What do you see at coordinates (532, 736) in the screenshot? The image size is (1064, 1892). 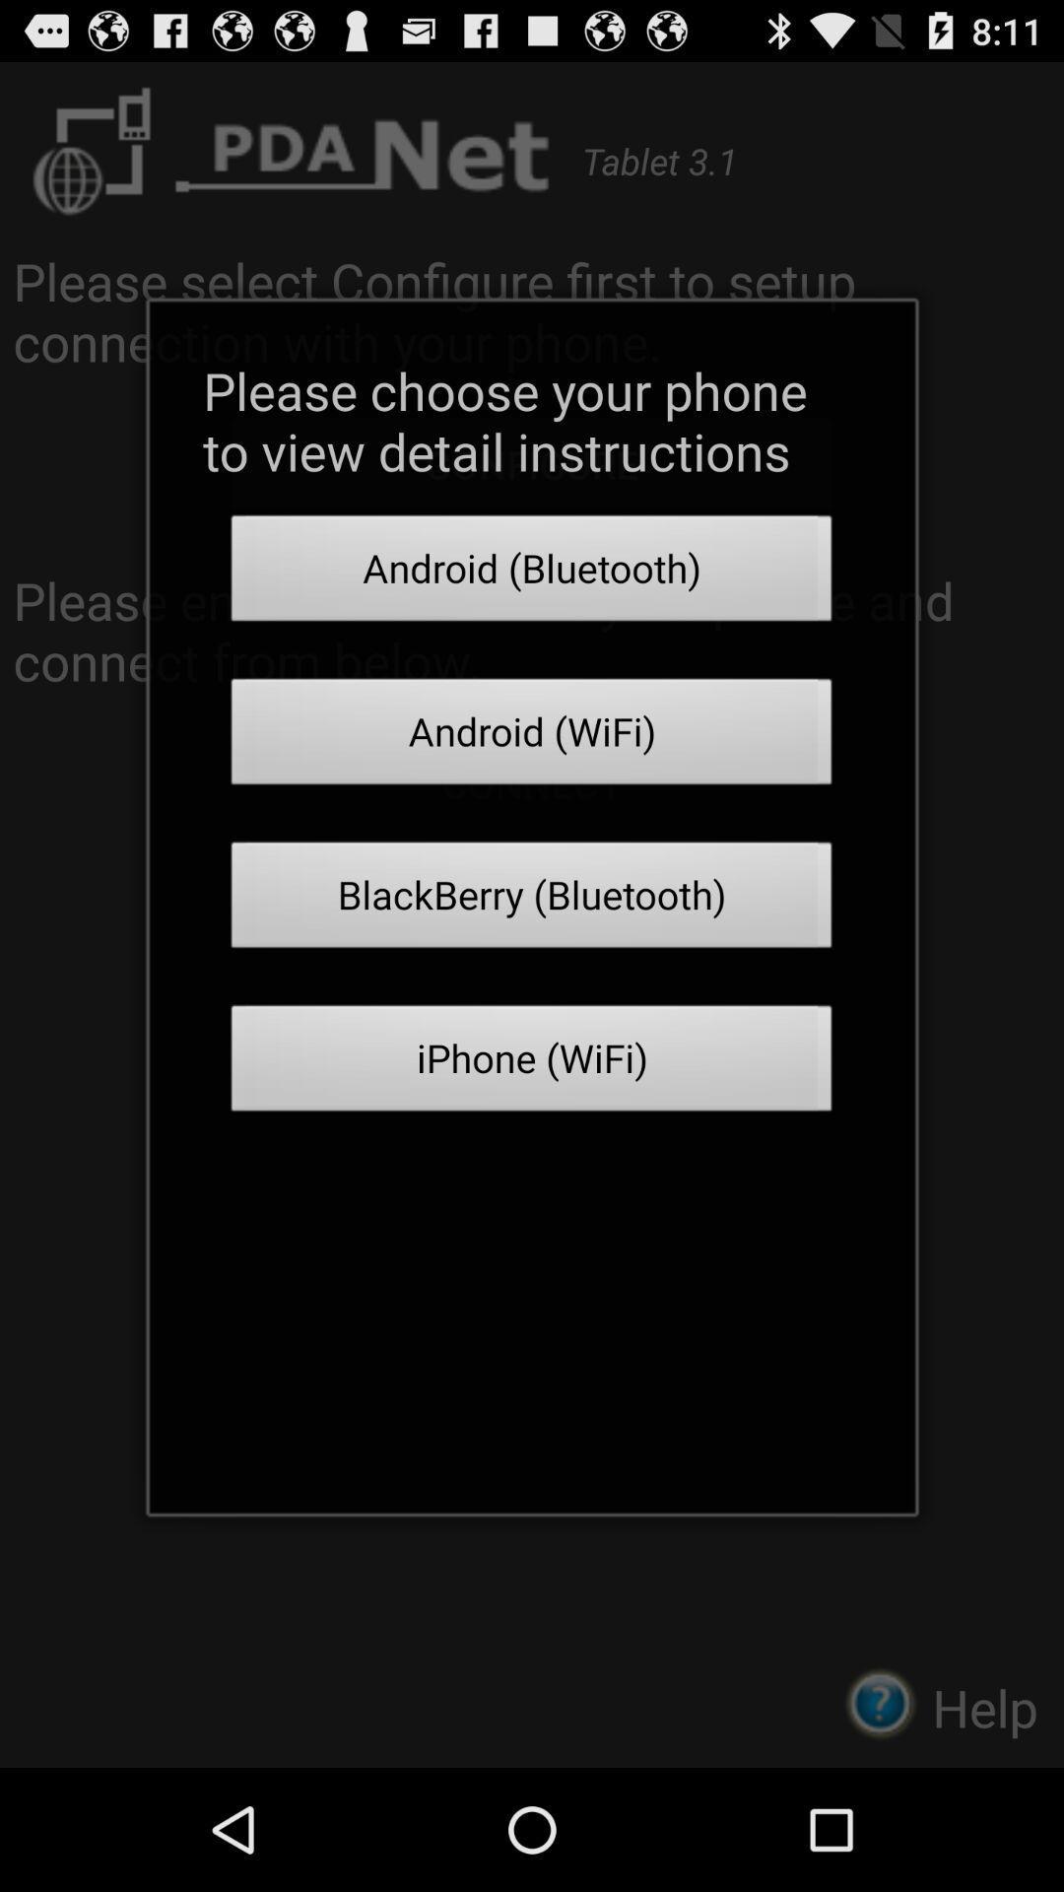 I see `android (wifi) icon` at bounding box center [532, 736].